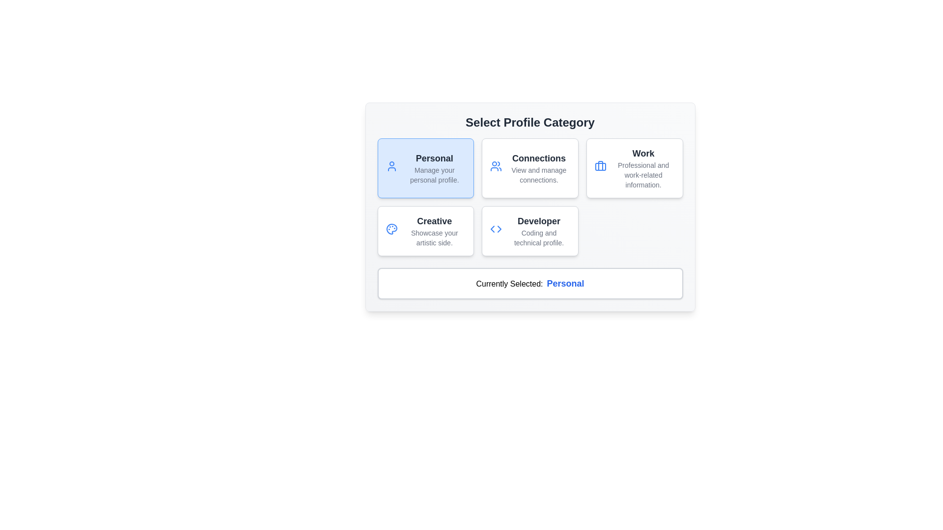 The width and height of the screenshot is (943, 530). What do you see at coordinates (496, 231) in the screenshot?
I see `the 'Developer' profile category icon, which visually represents the Developer profile and is located in the second row, fourth position of the profile category selection grid` at bounding box center [496, 231].